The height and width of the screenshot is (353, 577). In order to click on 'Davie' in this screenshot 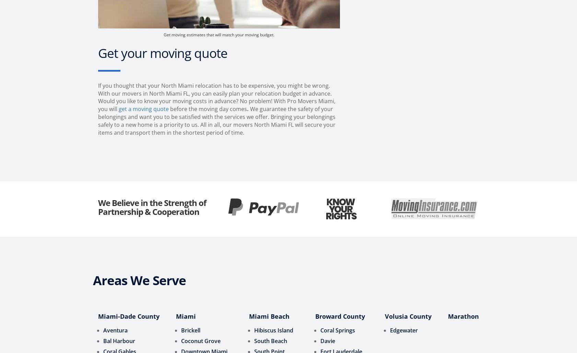, I will do `click(327, 340)`.